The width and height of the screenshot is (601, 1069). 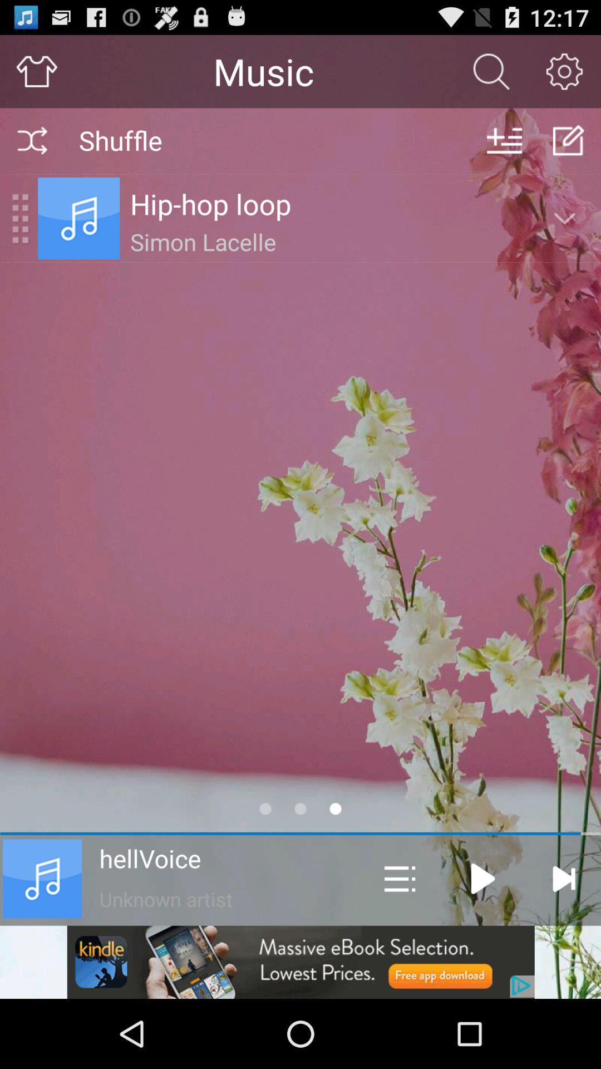 What do you see at coordinates (564, 878) in the screenshot?
I see `the forward icon` at bounding box center [564, 878].